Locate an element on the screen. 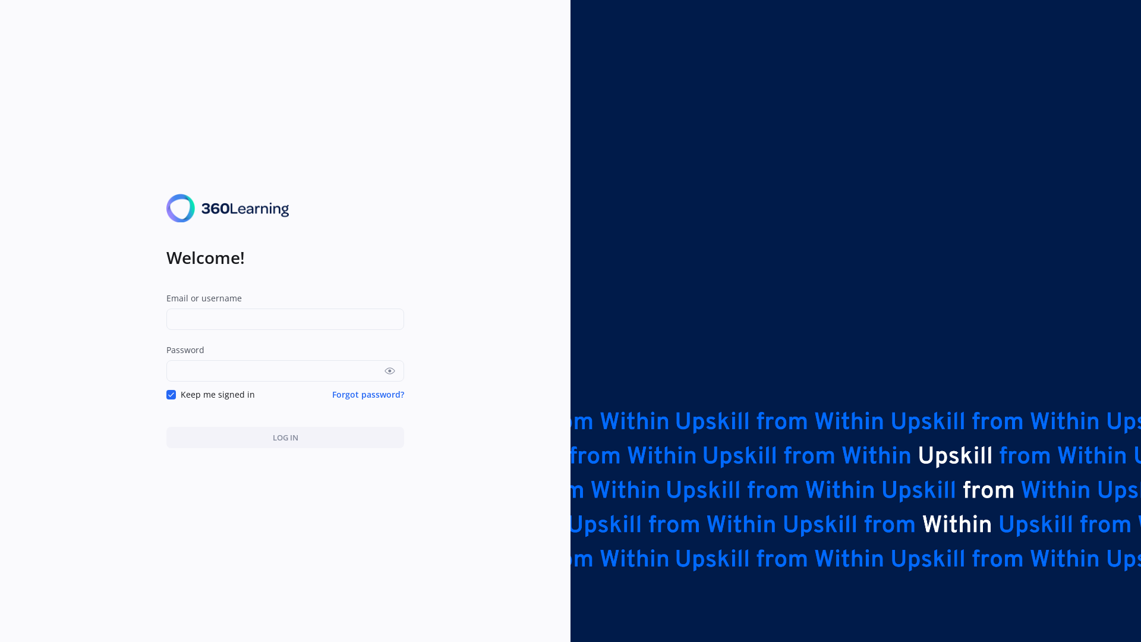  'Forgot password?' is located at coordinates (367, 394).